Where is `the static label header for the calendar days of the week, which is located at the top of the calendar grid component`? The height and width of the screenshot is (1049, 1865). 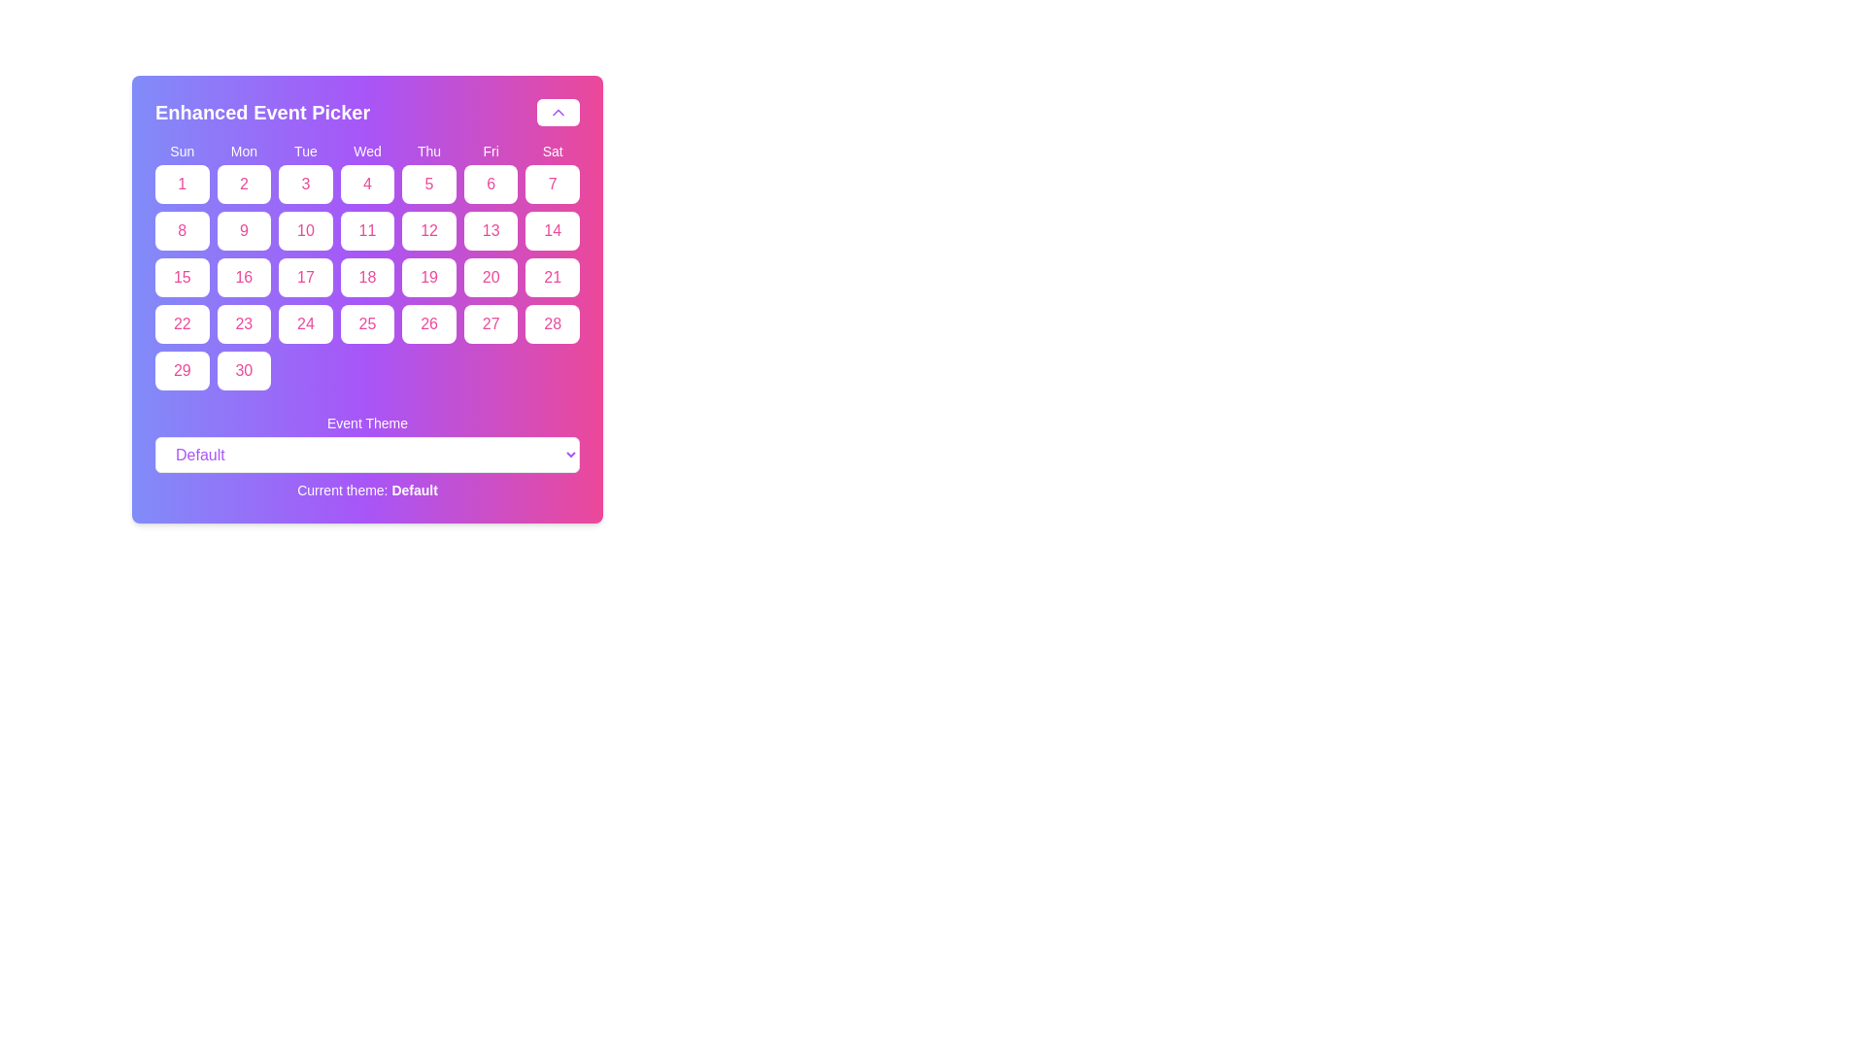
the static label header for the calendar days of the week, which is located at the top of the calendar grid component is located at coordinates (367, 150).